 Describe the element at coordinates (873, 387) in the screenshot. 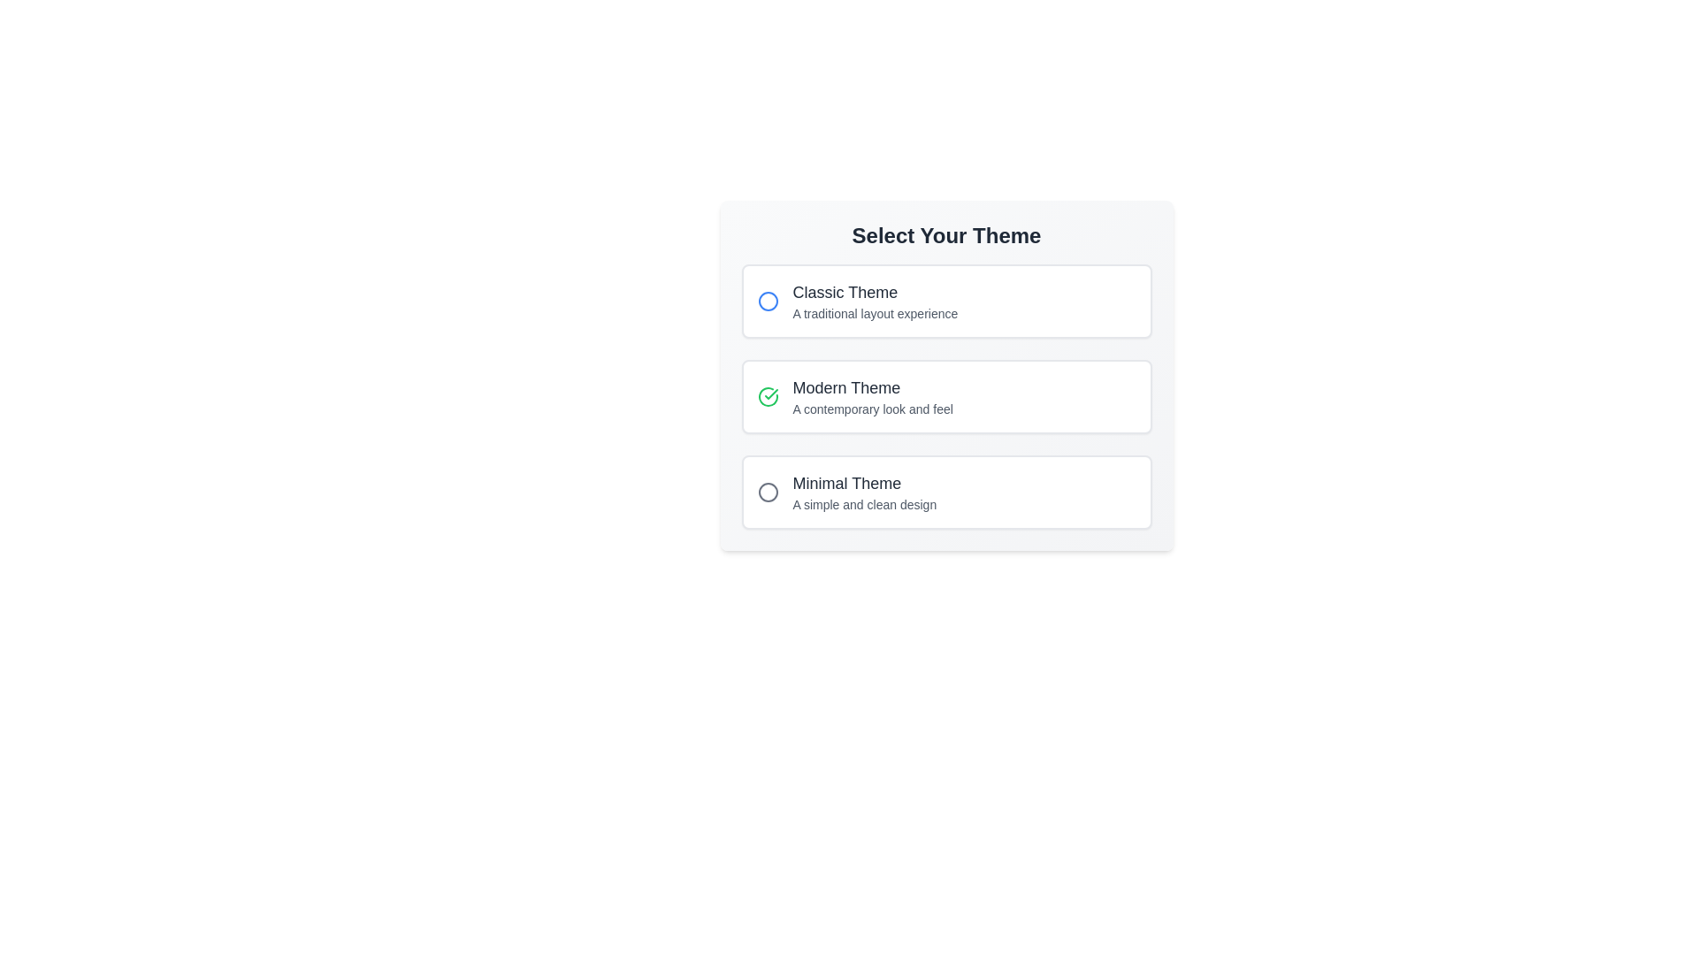

I see `the text label displaying 'Modern Theme', which is styled in a medium-sized, bold font and located within the second option of the theme choices list` at that location.